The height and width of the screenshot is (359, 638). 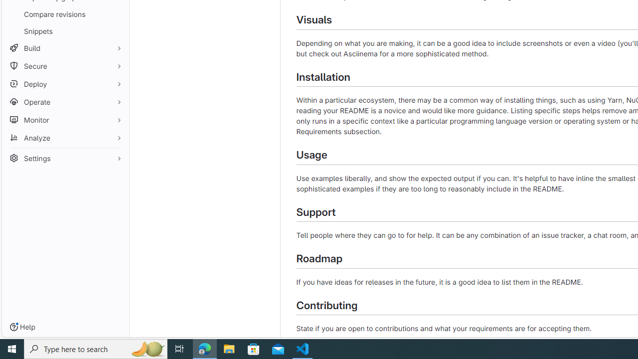 I want to click on 'Build', so click(x=65, y=48).